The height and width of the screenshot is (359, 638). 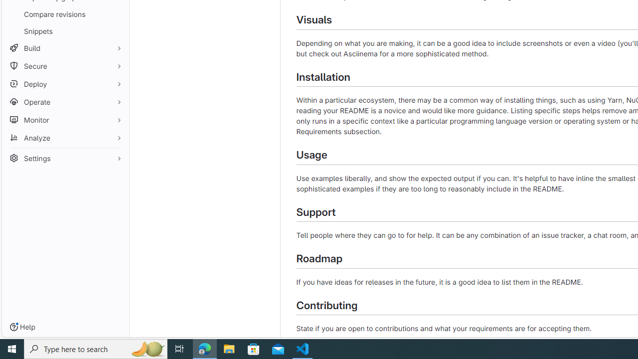 I want to click on 'Build', so click(x=65, y=48).